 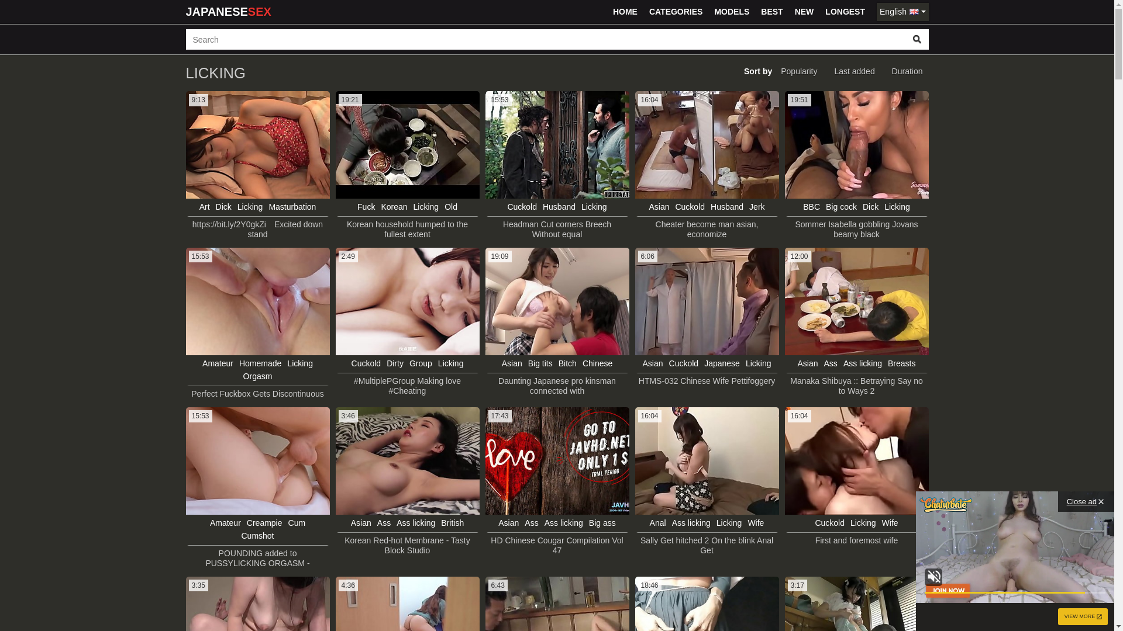 What do you see at coordinates (771, 12) in the screenshot?
I see `'BEST'` at bounding box center [771, 12].